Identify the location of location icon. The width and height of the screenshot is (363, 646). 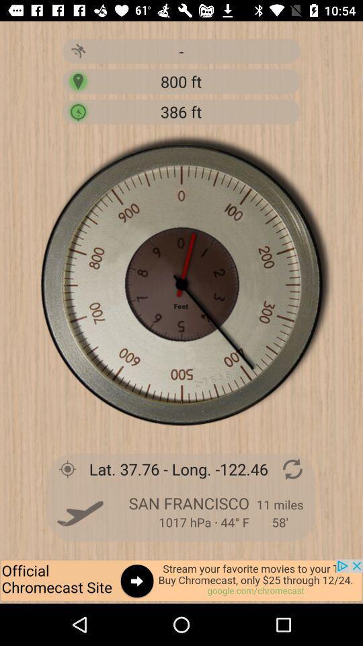
(78, 81).